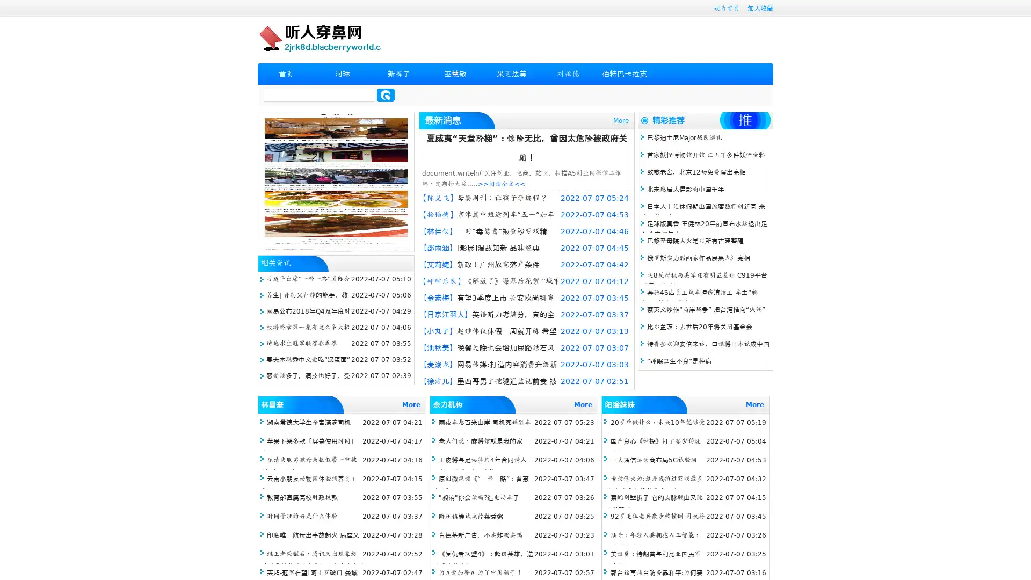 The image size is (1031, 580). What do you see at coordinates (386, 95) in the screenshot?
I see `Search` at bounding box center [386, 95].